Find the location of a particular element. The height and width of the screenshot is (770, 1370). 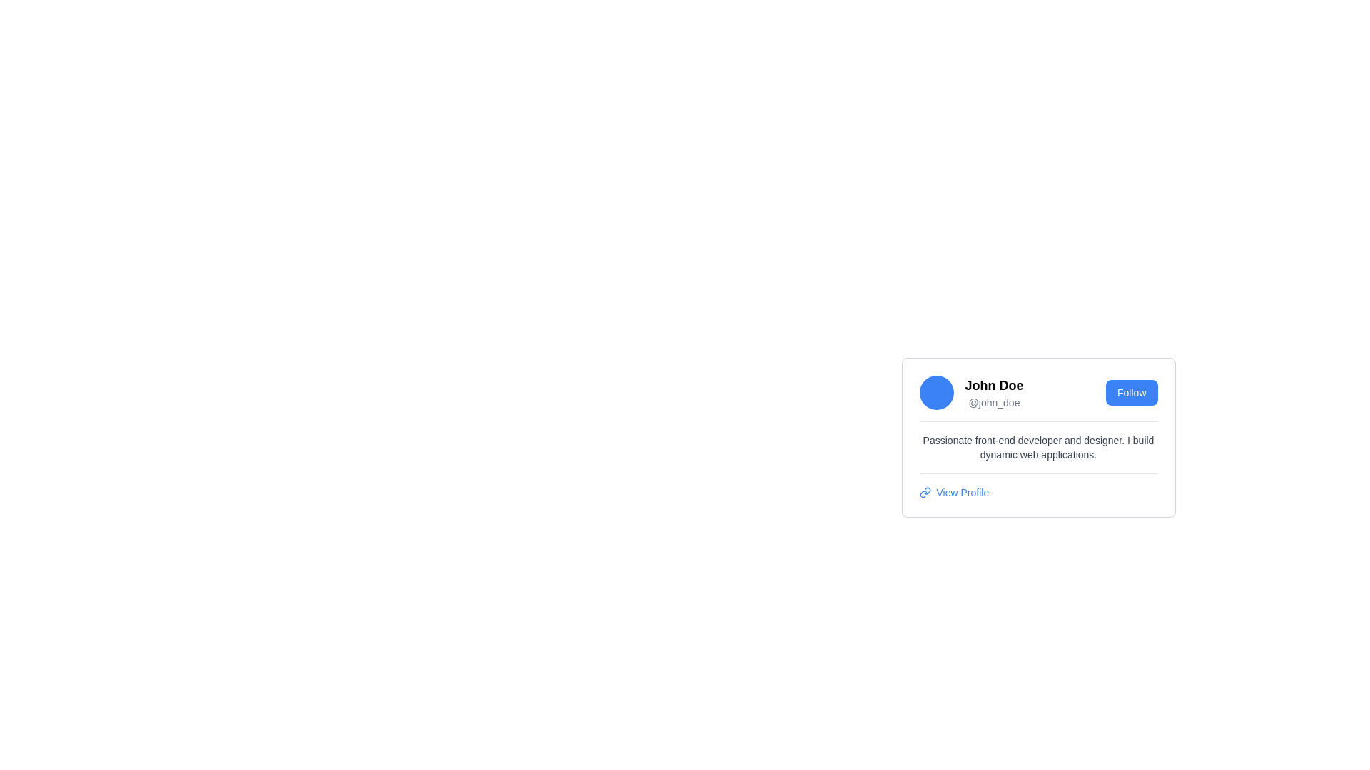

the follow button to send a follow request for the user 'John Doe', positioned near the username '@john_doe' is located at coordinates (1131, 393).